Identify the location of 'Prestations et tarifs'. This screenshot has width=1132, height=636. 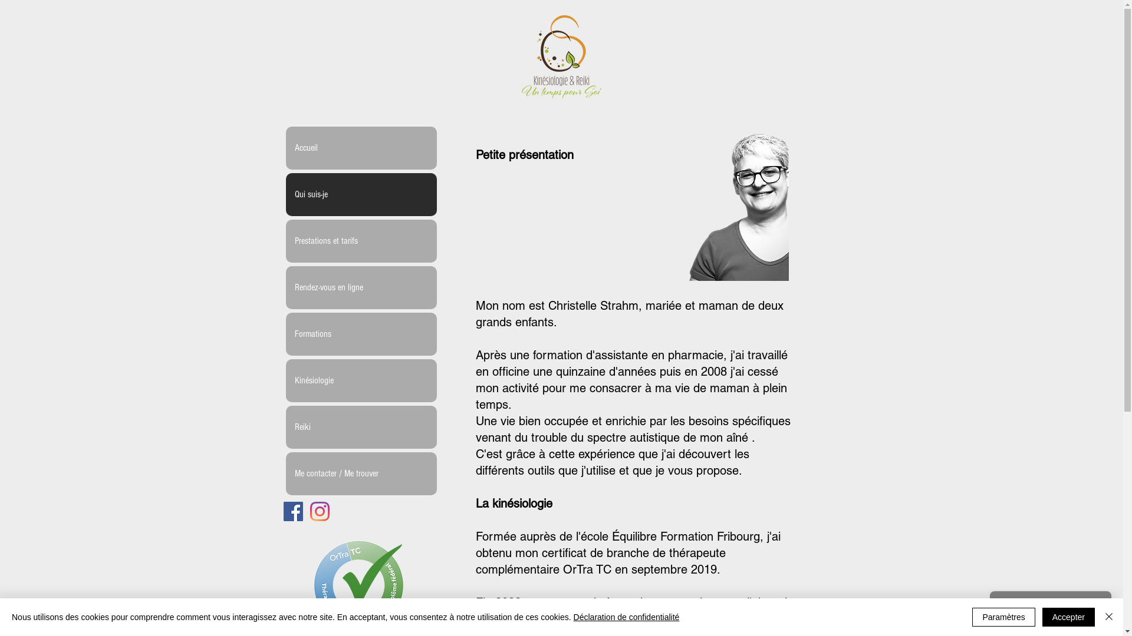
(360, 240).